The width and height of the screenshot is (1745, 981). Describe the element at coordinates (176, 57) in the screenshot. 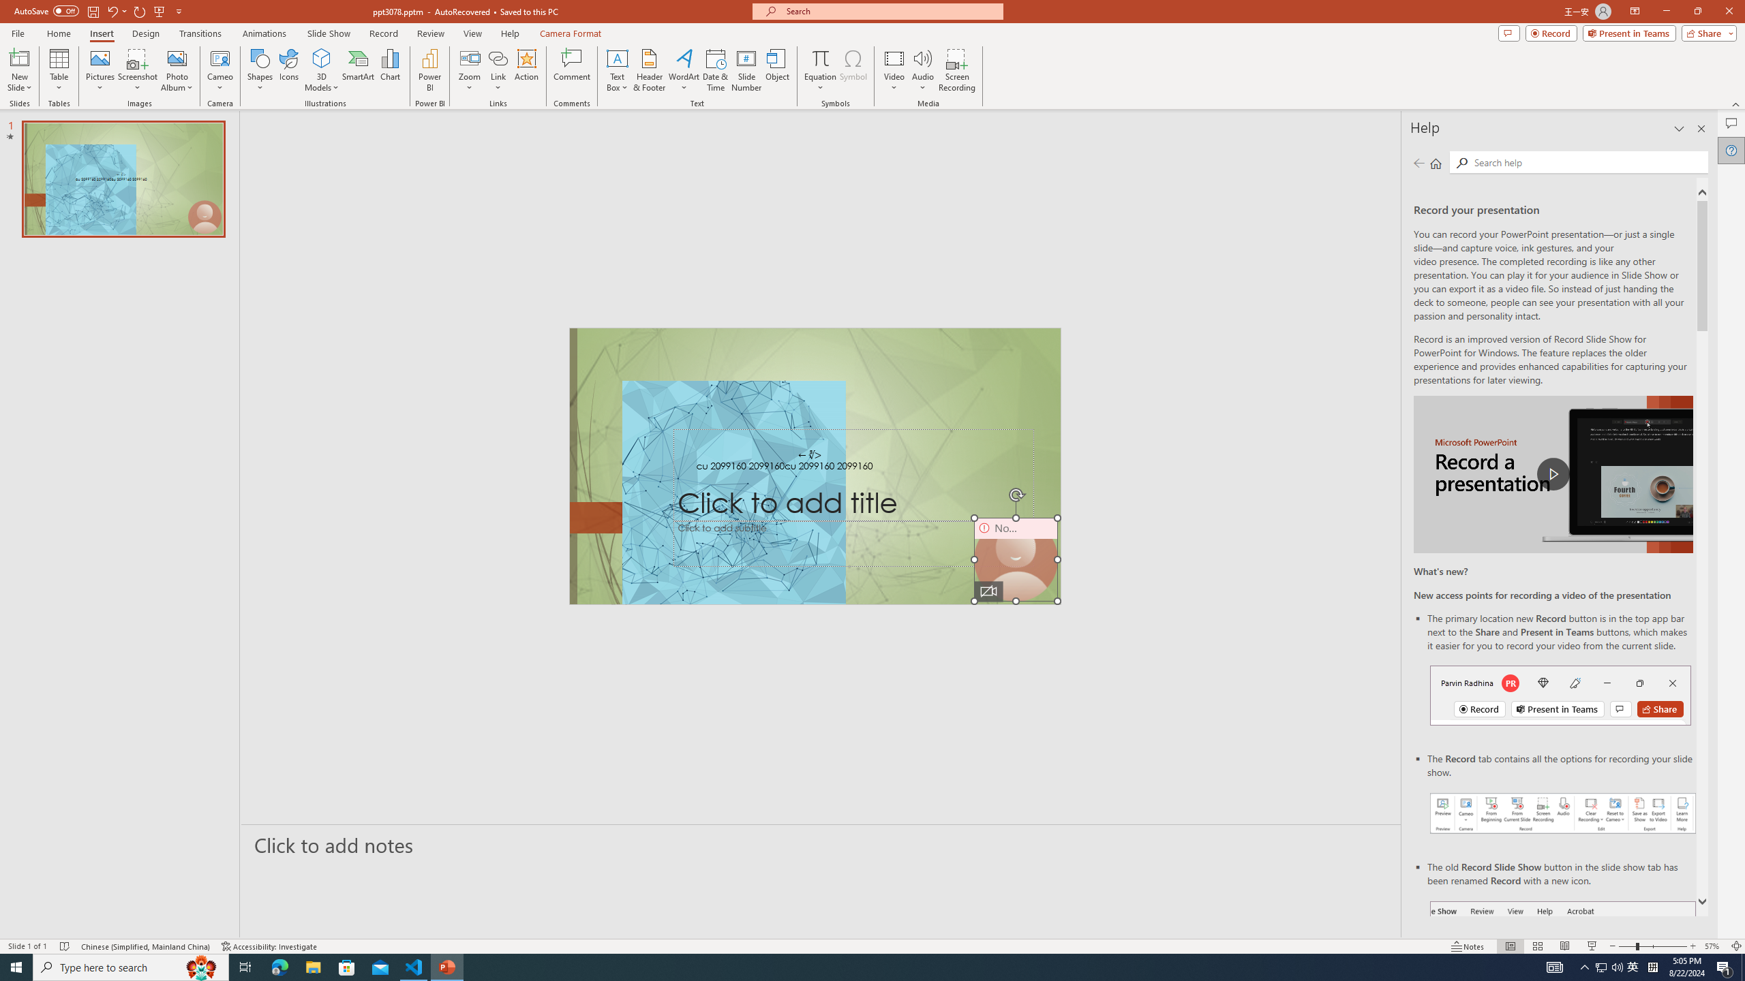

I see `'New Photo Album...'` at that location.